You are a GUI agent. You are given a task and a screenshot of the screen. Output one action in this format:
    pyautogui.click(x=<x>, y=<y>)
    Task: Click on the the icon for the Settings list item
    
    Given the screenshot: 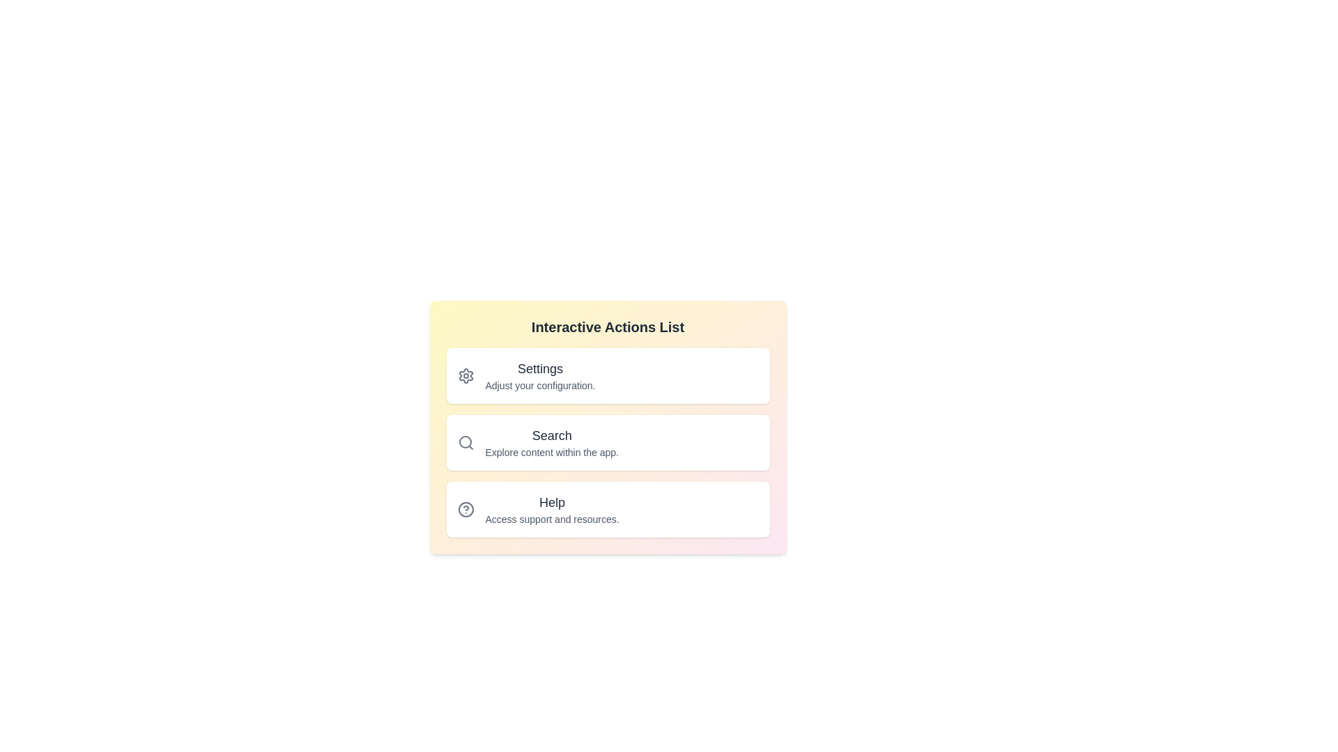 What is the action you would take?
    pyautogui.click(x=466, y=376)
    